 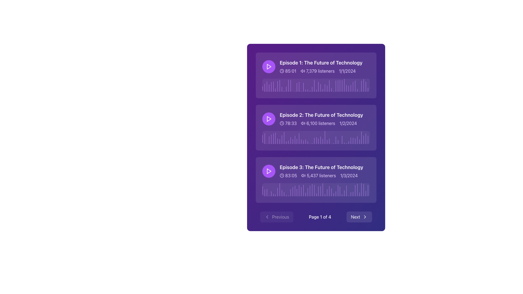 What do you see at coordinates (364, 190) in the screenshot?
I see `the 50th vertical segment of the progress bar located in the bottom section of the third card, which is colored with a blend of purple and red` at bounding box center [364, 190].